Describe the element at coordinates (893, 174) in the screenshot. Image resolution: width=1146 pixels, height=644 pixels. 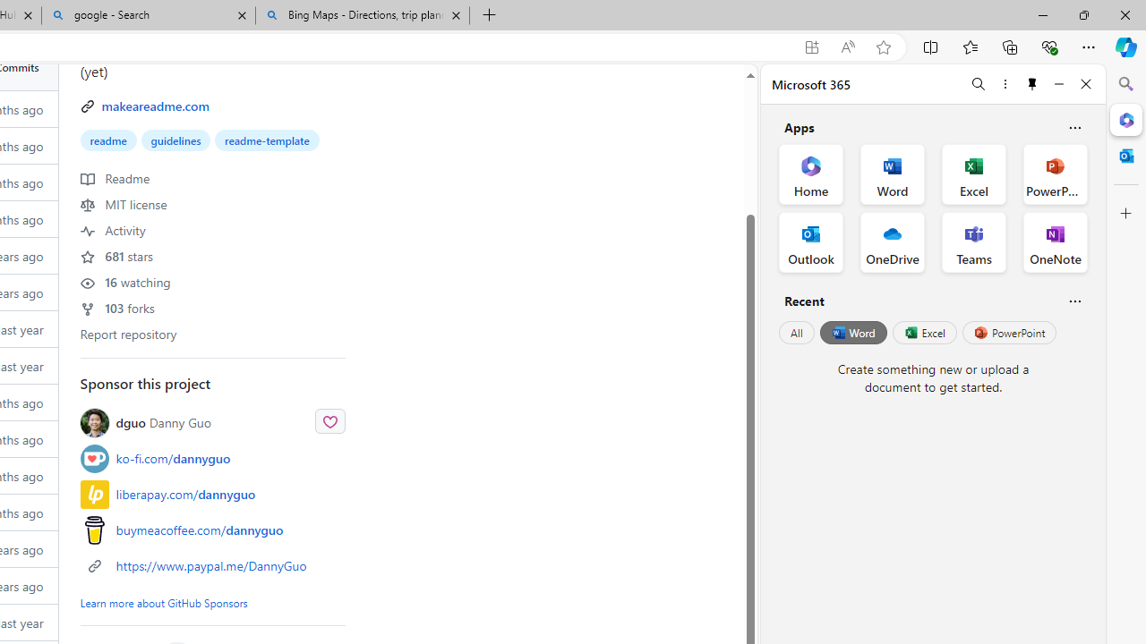
I see `'Word Office App'` at that location.